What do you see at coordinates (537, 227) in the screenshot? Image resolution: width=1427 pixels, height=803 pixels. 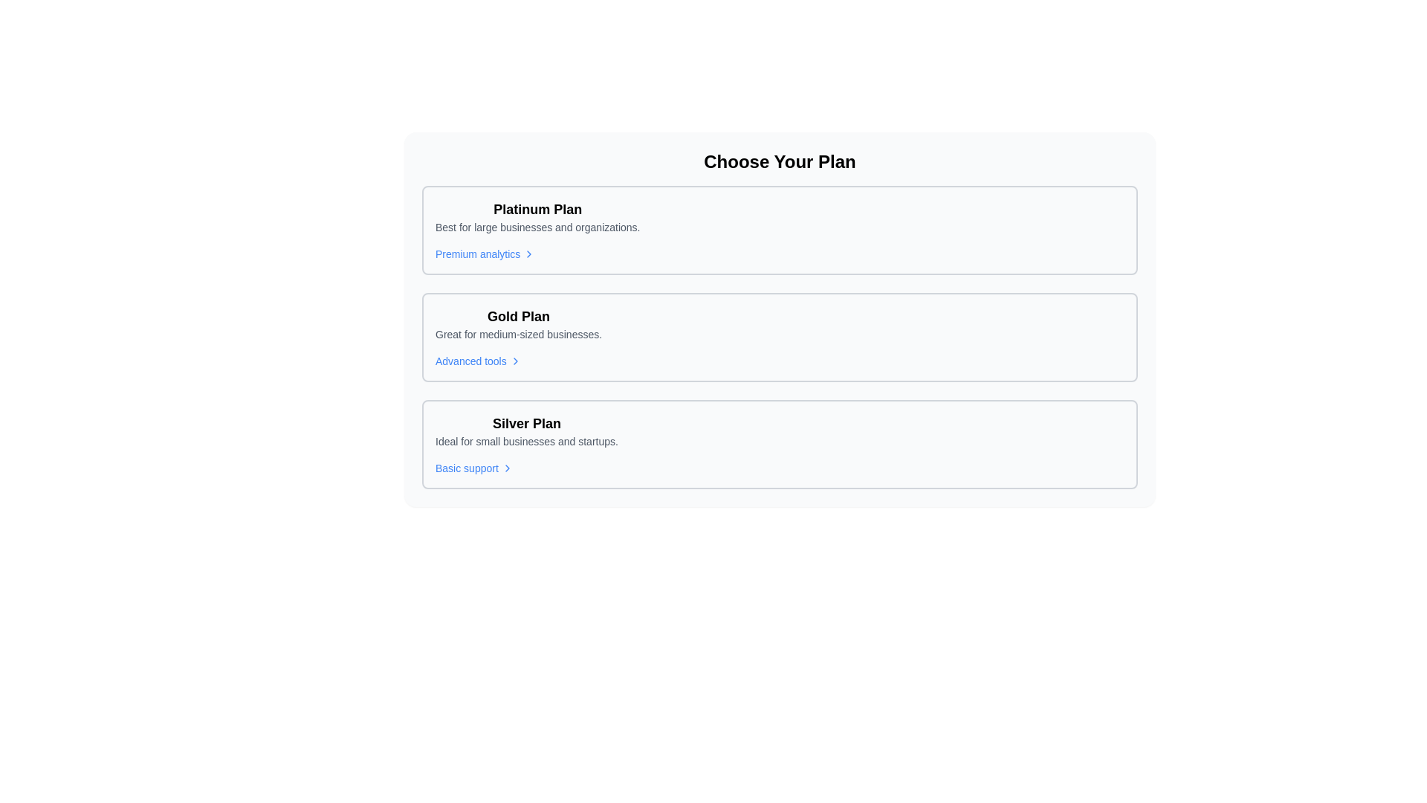 I see `the text label styled with a small font and gray color, located directly beneath the bold title 'Platinum Plan'` at bounding box center [537, 227].